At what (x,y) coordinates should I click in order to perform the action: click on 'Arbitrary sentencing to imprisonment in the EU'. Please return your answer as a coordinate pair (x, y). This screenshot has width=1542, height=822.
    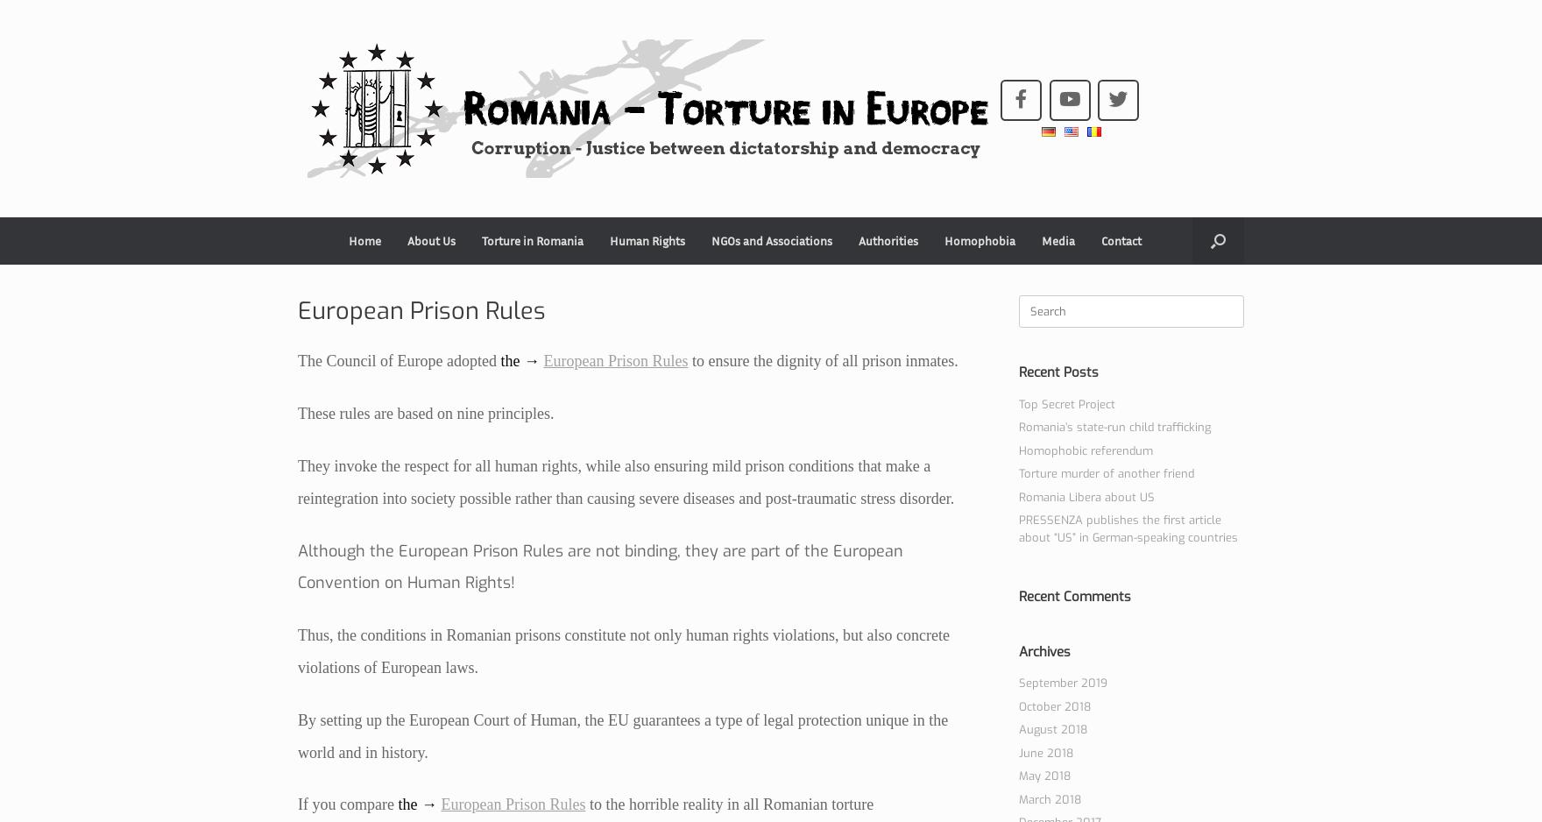
    Looking at the image, I should click on (544, 288).